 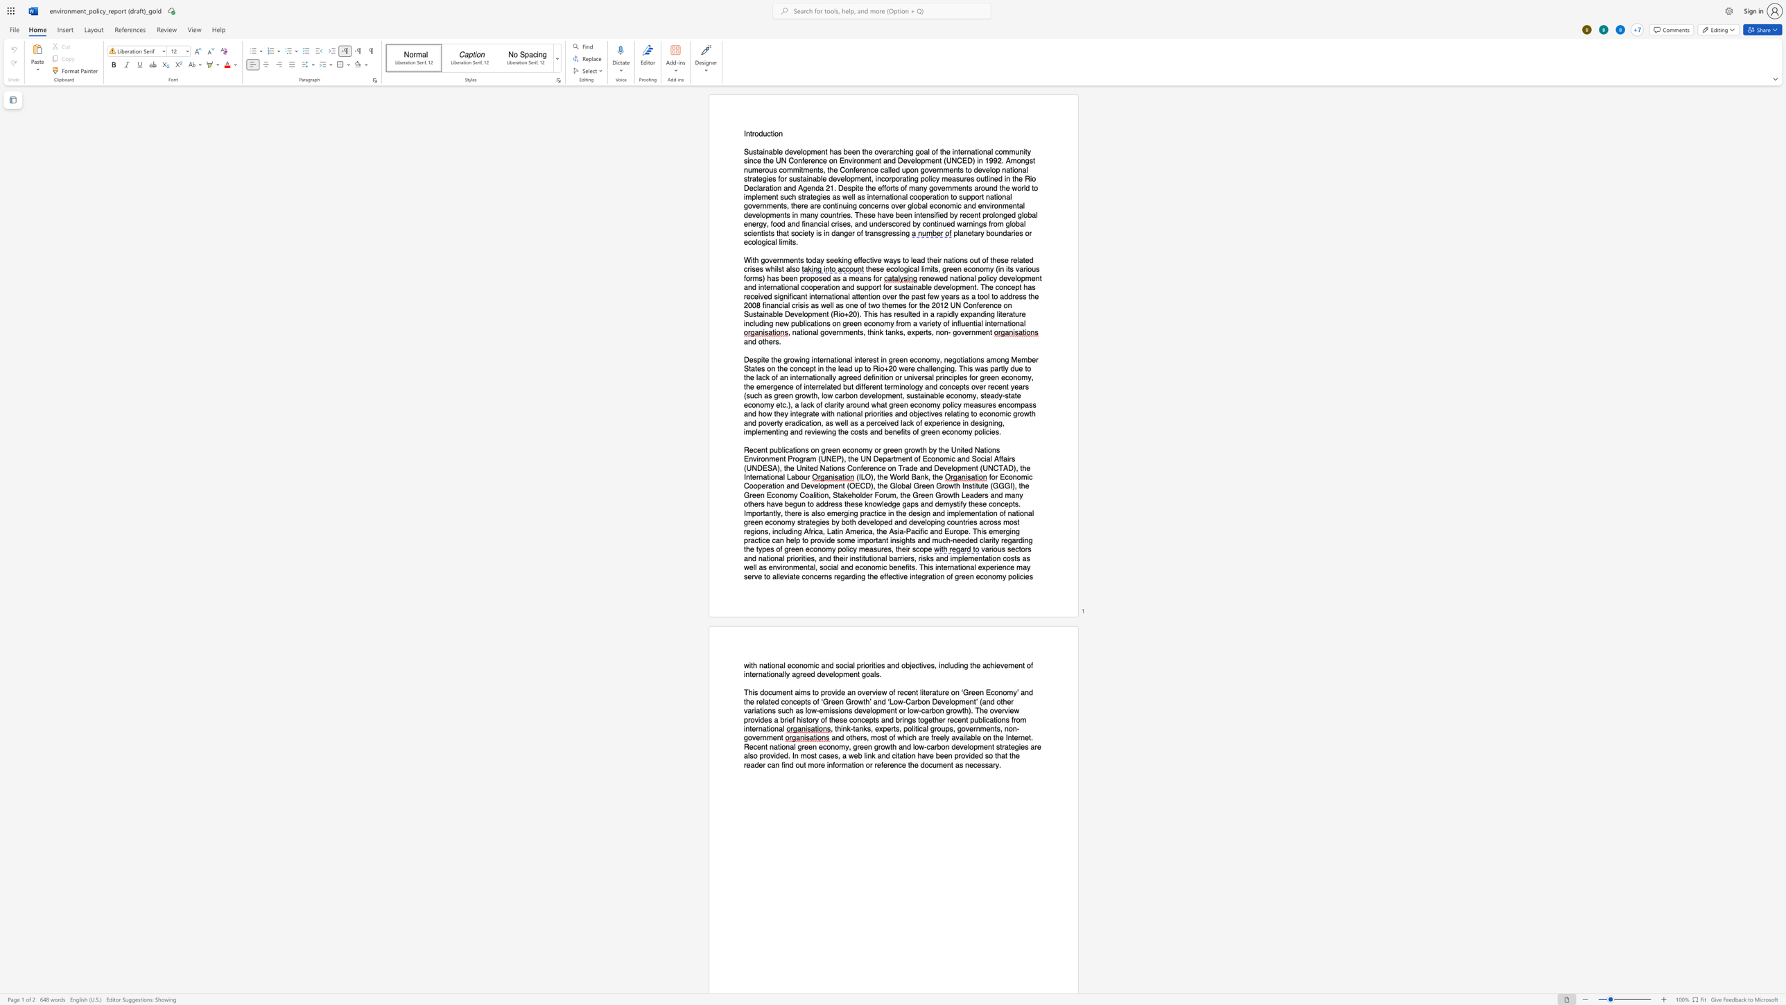 What do you see at coordinates (783, 305) in the screenshot?
I see `the space between the continuous character "i" and "a" in the text` at bounding box center [783, 305].